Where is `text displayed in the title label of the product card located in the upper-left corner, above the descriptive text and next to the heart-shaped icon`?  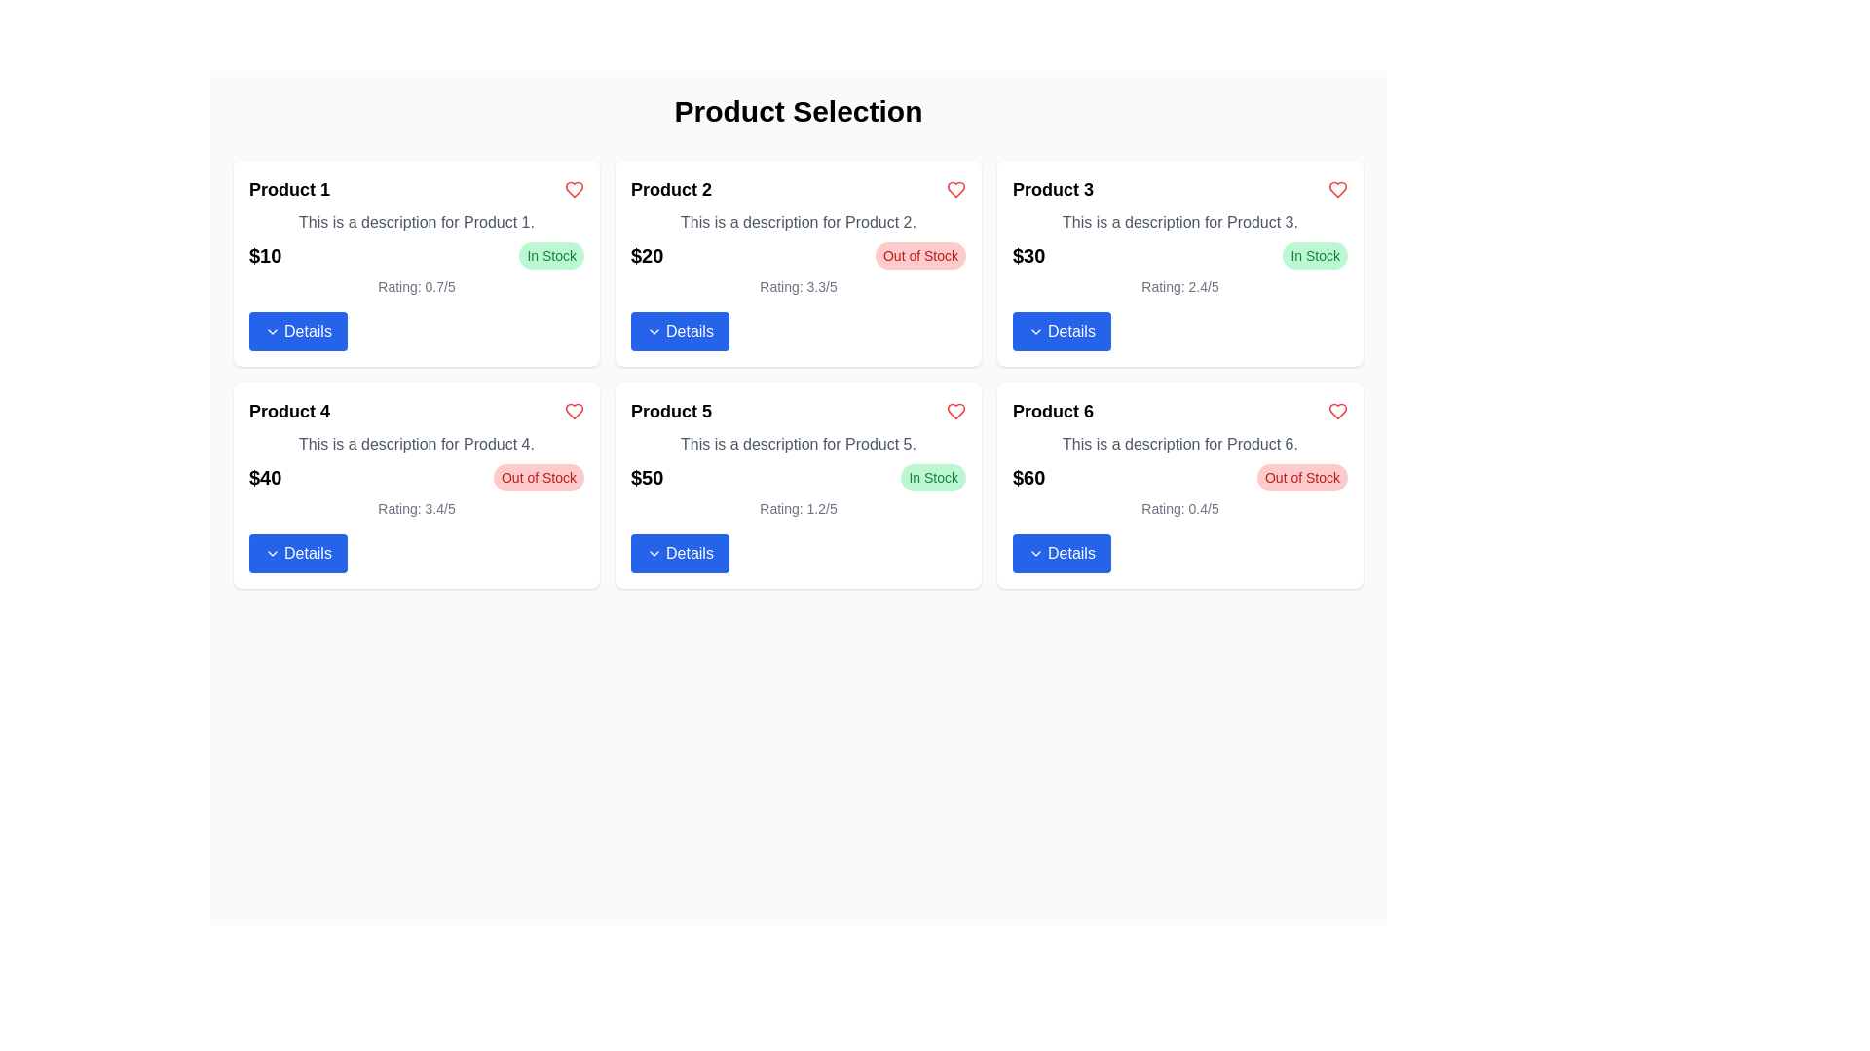 text displayed in the title label of the product card located in the upper-left corner, above the descriptive text and next to the heart-shaped icon is located at coordinates (288, 190).